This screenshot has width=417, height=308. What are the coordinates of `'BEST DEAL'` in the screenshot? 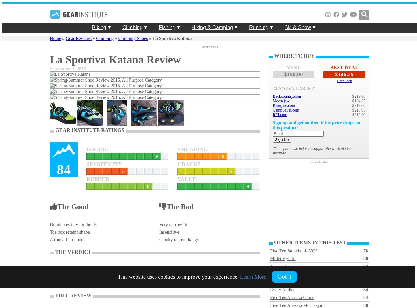 It's located at (344, 67).